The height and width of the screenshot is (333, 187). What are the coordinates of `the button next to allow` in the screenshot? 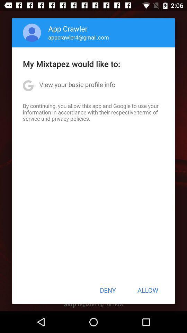 It's located at (108, 290).